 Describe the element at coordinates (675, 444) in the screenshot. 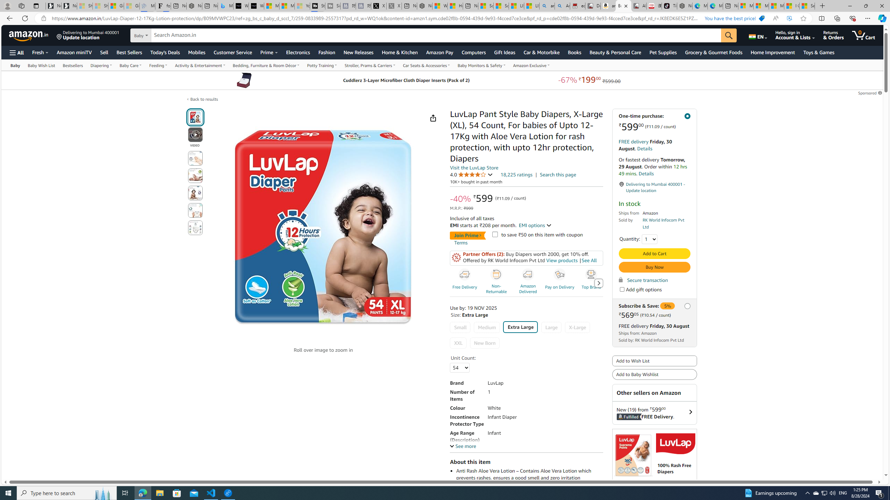

I see `'Logo'` at that location.